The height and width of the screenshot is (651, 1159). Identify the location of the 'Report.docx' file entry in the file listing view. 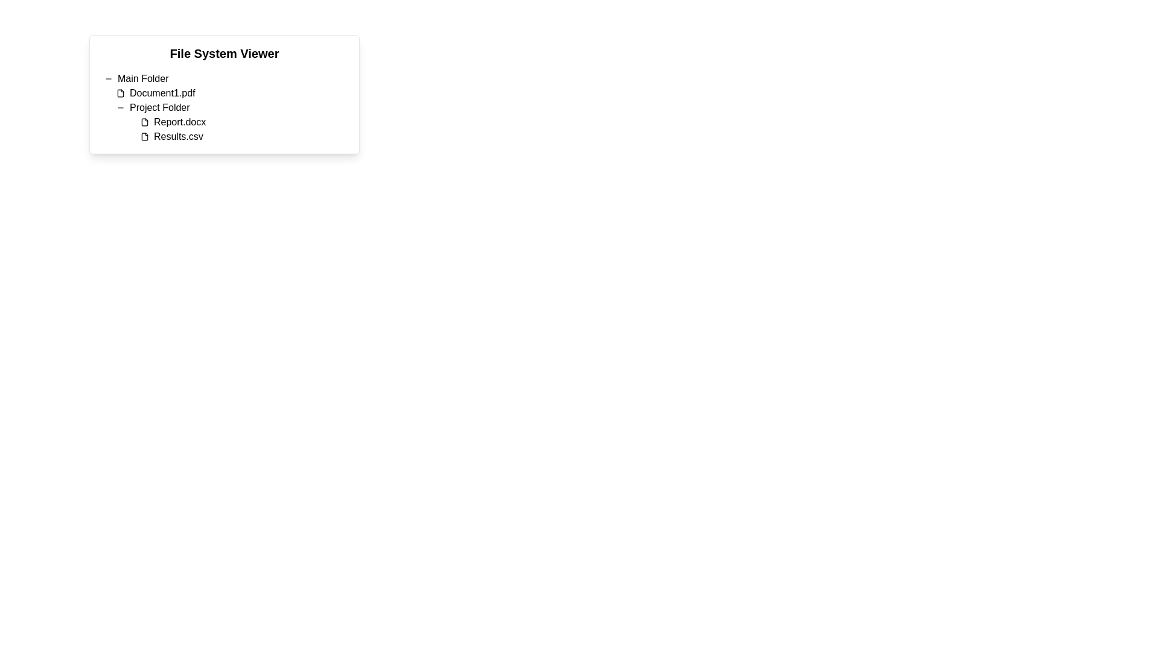
(242, 122).